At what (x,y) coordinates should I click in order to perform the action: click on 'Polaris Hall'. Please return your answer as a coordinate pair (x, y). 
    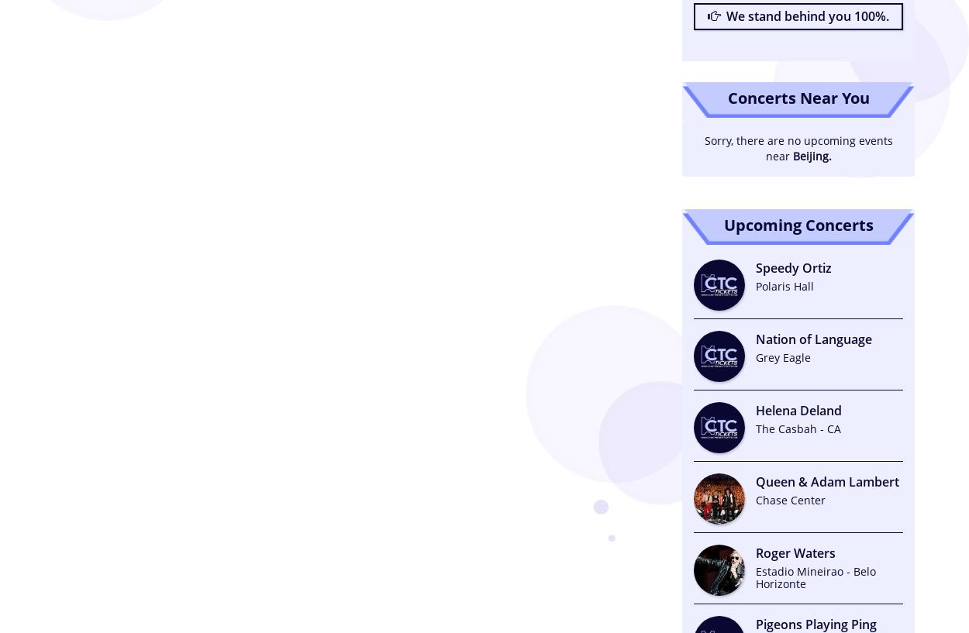
    Looking at the image, I should click on (755, 284).